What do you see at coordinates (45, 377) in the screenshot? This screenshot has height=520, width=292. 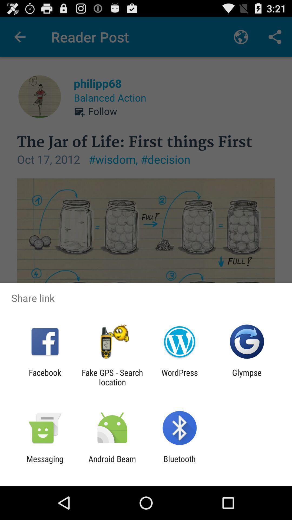 I see `the facebook app` at bounding box center [45, 377].